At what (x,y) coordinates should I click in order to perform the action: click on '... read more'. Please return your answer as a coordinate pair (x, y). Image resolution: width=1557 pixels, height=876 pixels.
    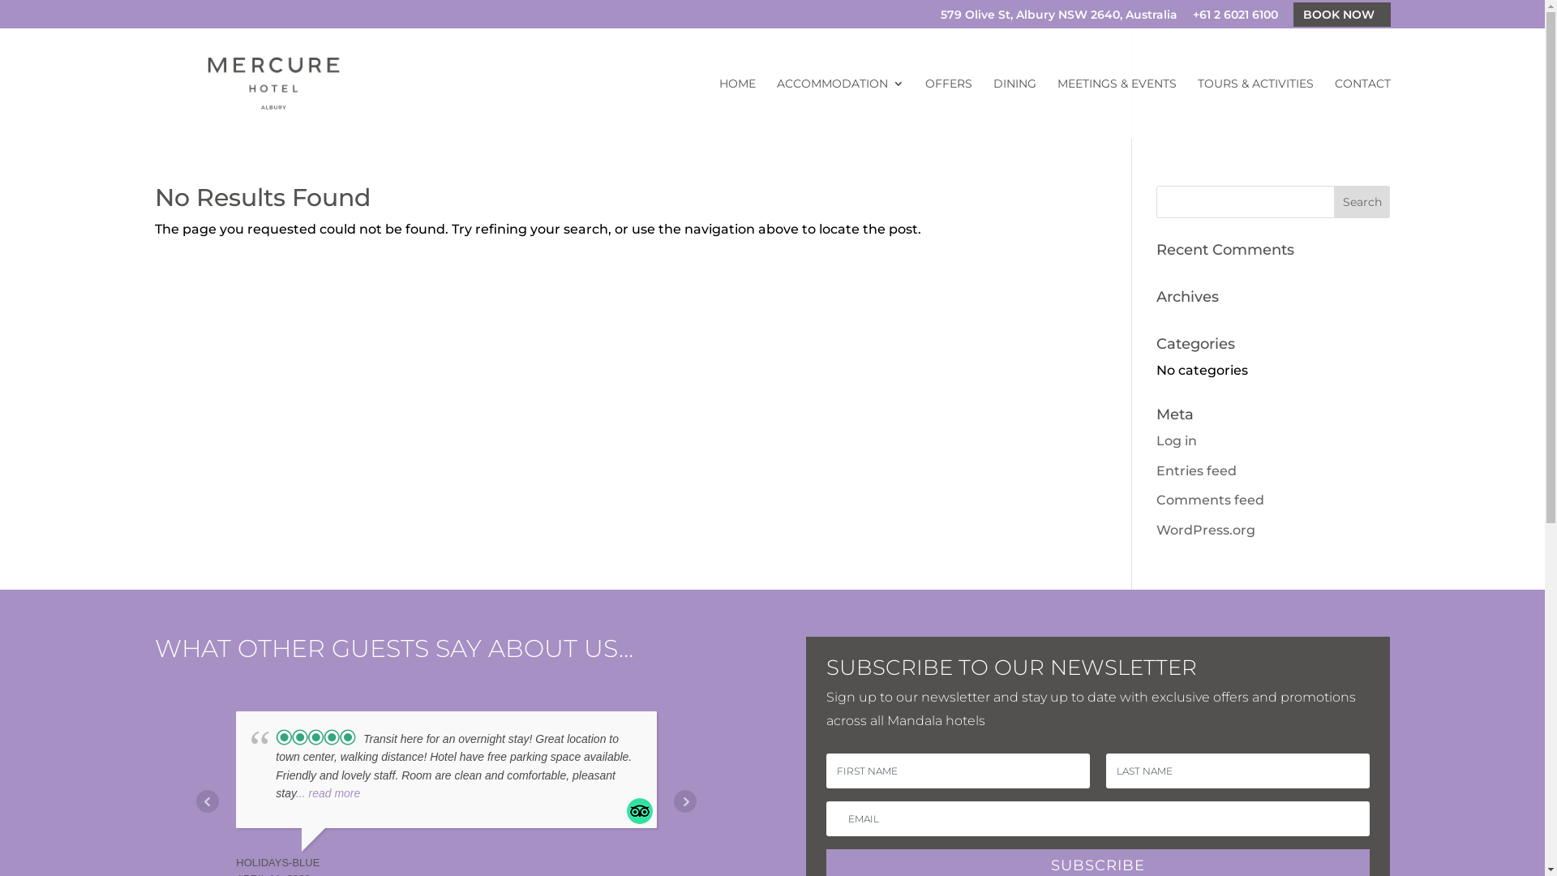
    Looking at the image, I should click on (327, 792).